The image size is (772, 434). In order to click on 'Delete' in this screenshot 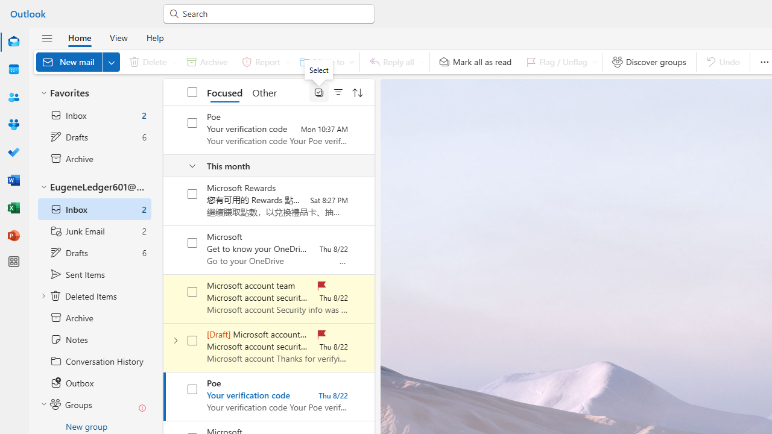, I will do `click(150, 61)`.